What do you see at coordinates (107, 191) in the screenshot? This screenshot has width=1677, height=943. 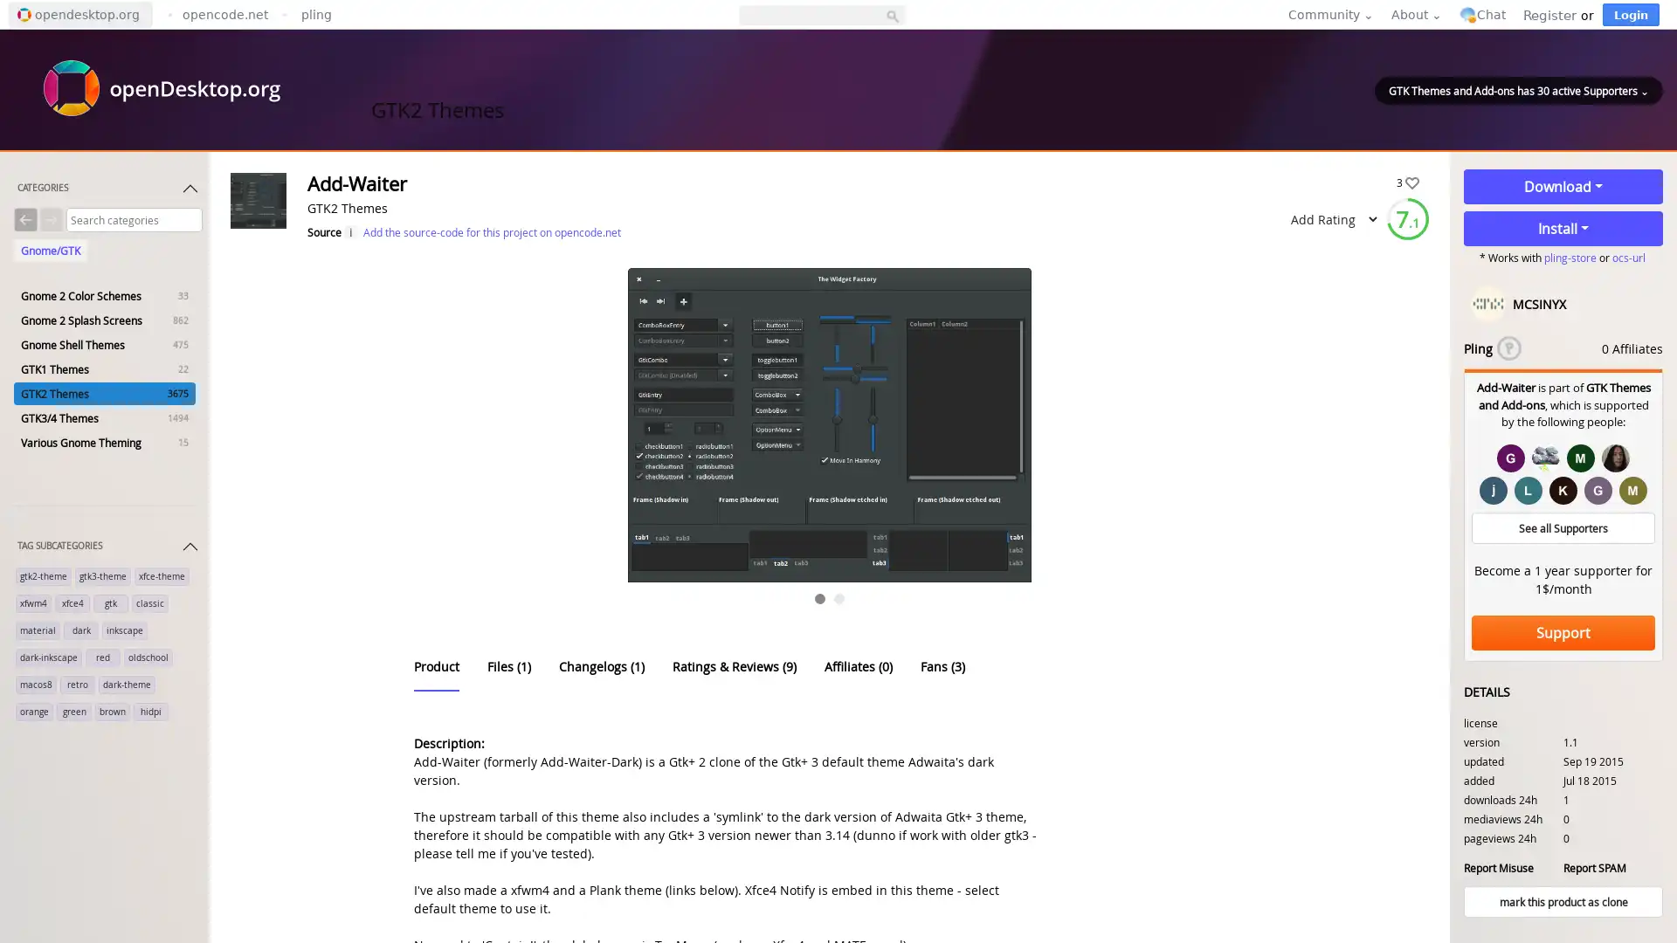 I see `CATEGORIES` at bounding box center [107, 191].